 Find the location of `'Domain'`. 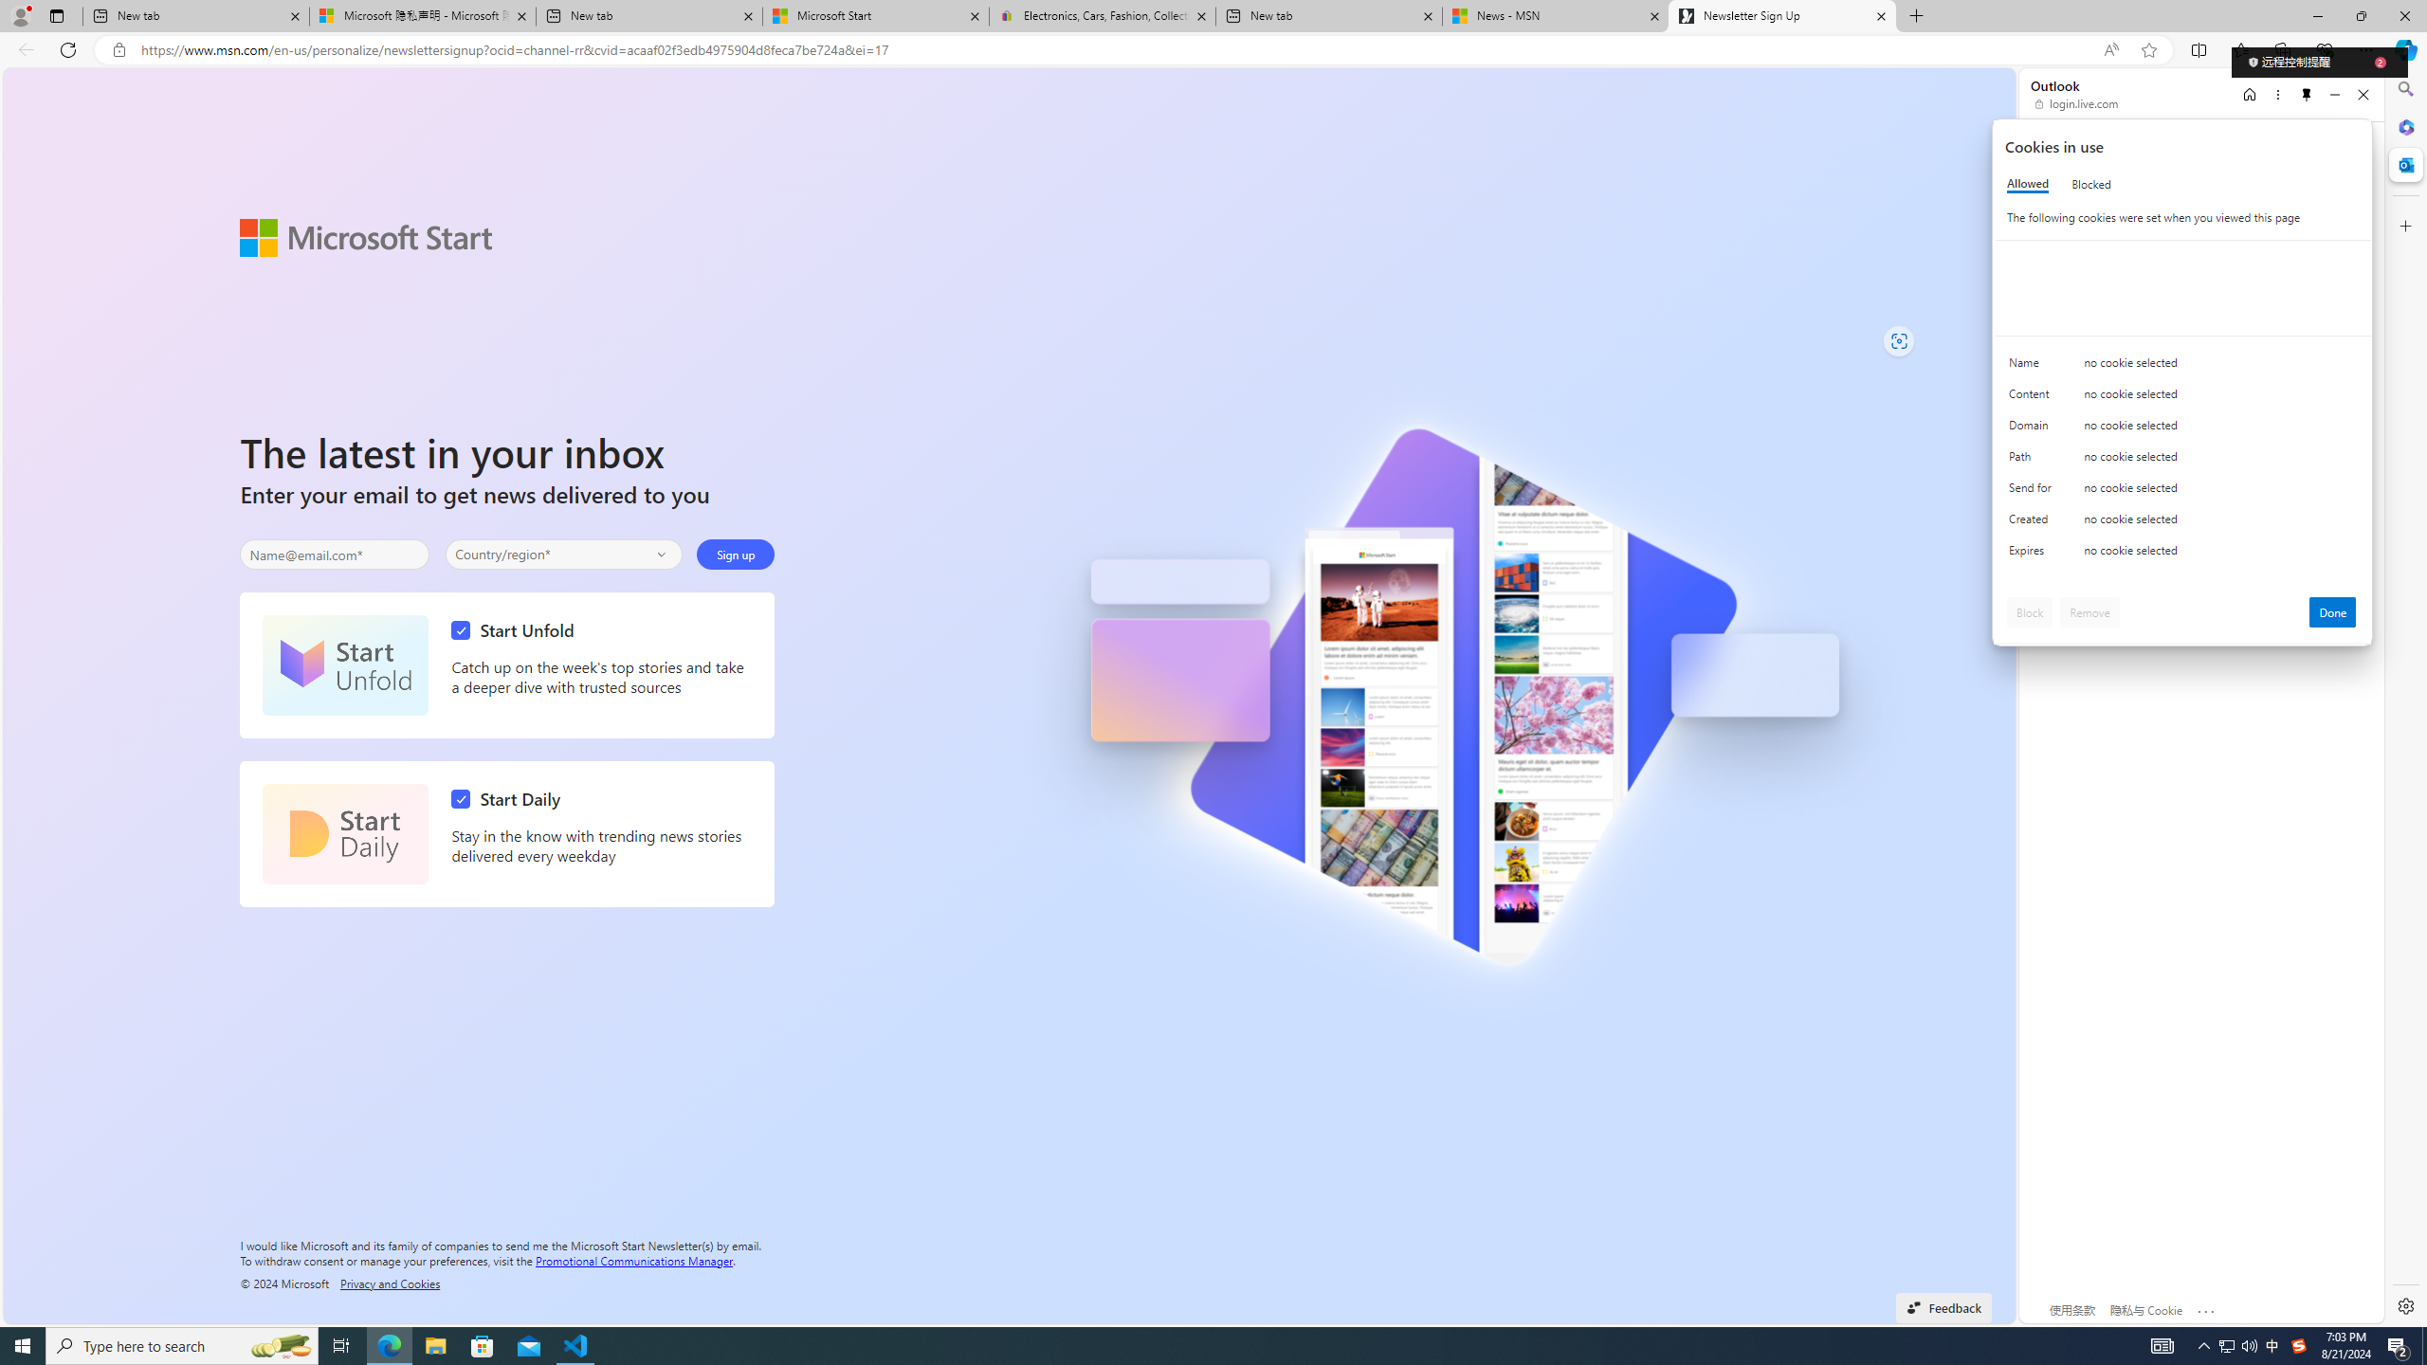

'Domain' is located at coordinates (2033, 428).